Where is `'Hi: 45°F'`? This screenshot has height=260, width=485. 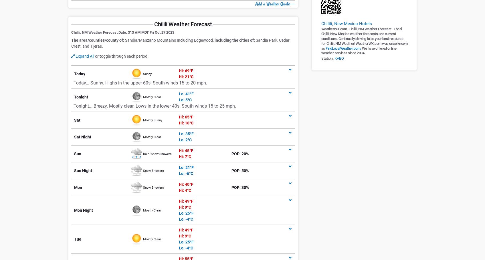 'Hi: 45°F' is located at coordinates (186, 150).